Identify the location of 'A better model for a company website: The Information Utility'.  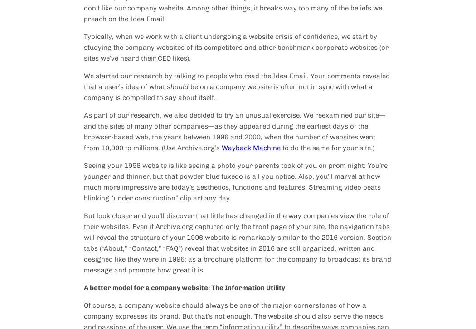
(184, 287).